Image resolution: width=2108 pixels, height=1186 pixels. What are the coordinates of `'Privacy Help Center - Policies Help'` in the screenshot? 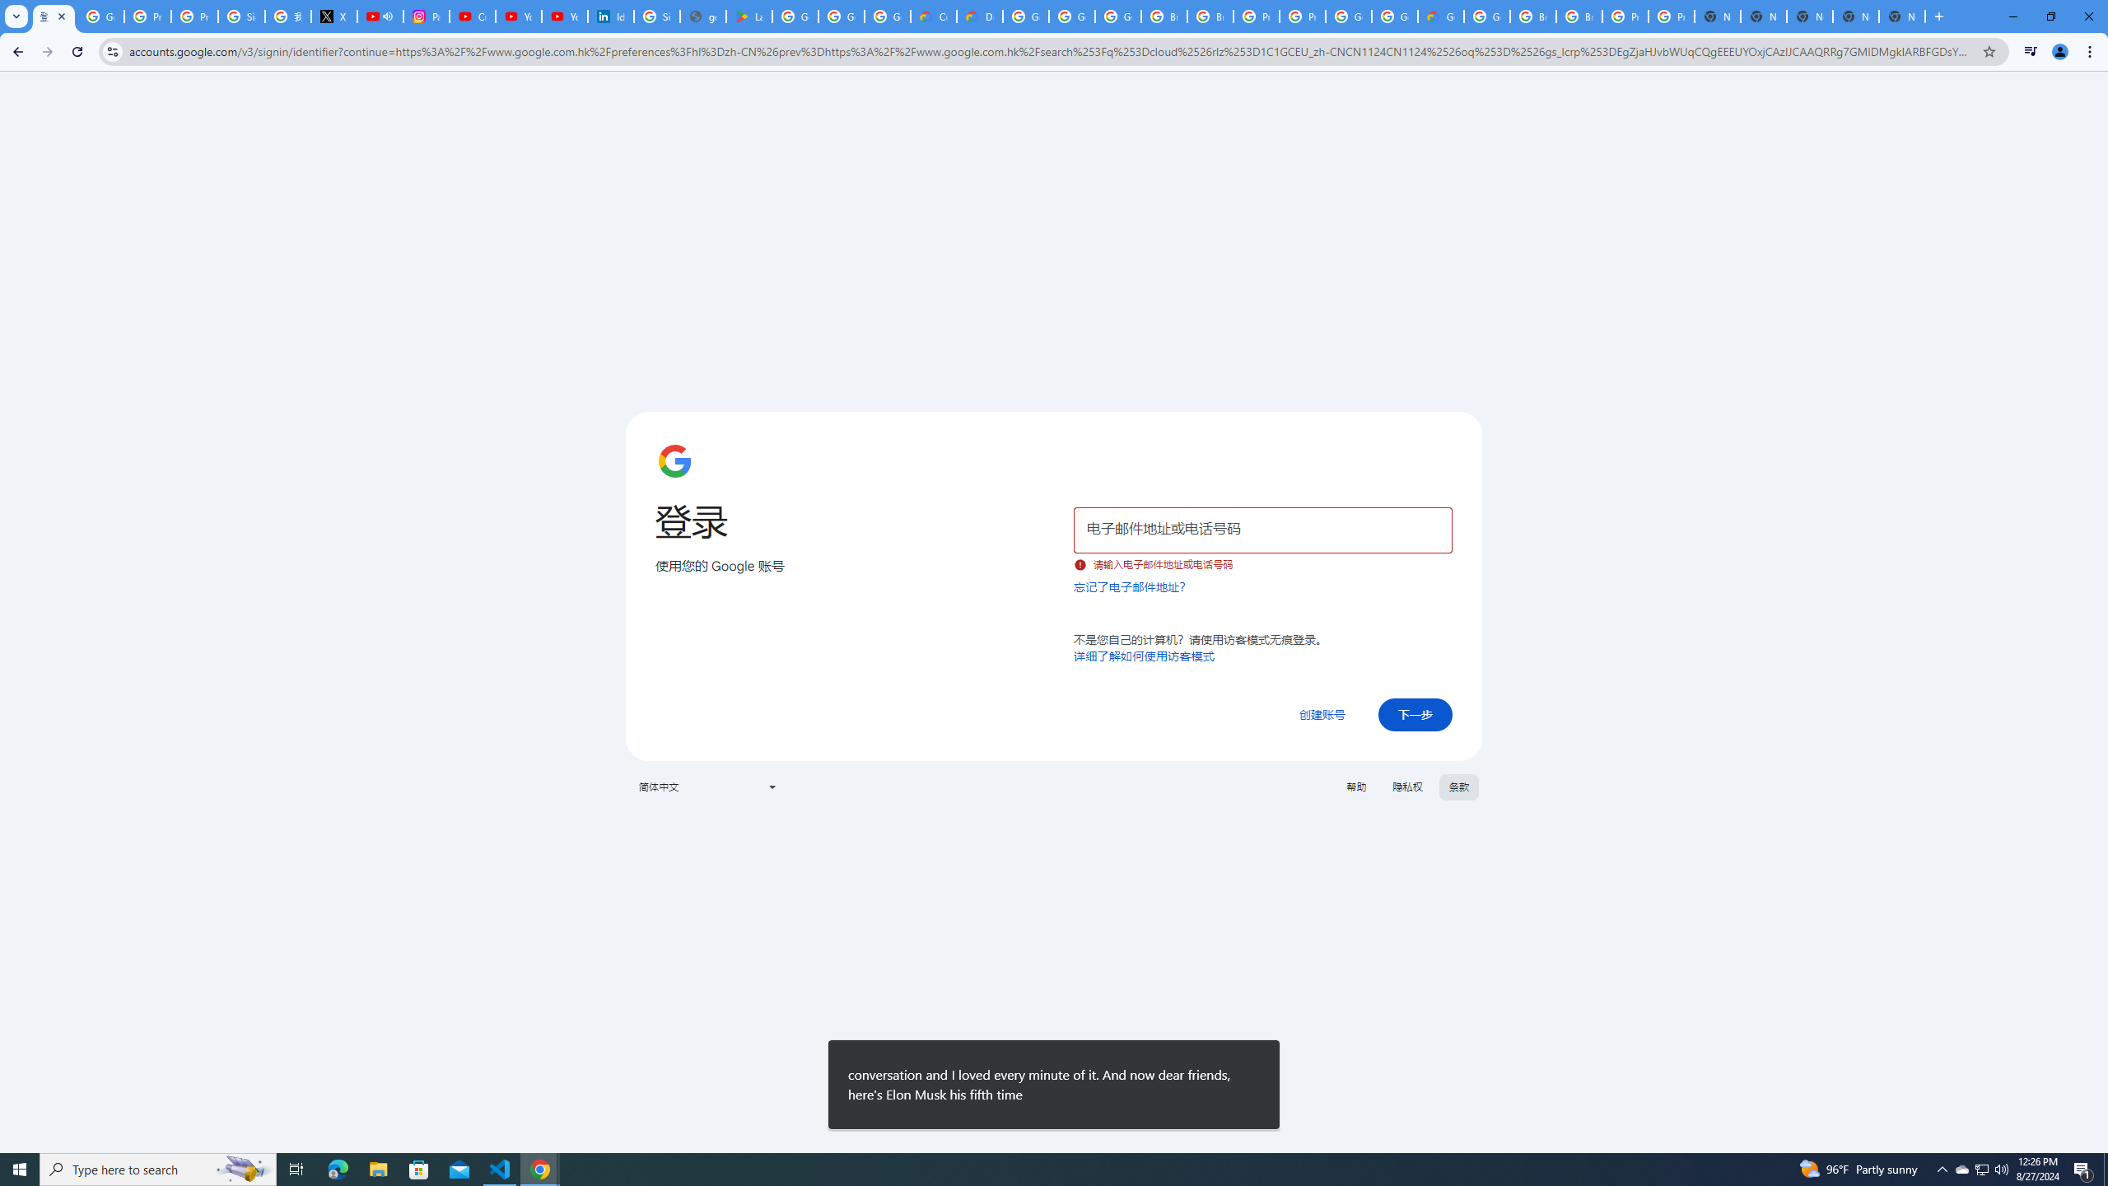 It's located at (194, 16).